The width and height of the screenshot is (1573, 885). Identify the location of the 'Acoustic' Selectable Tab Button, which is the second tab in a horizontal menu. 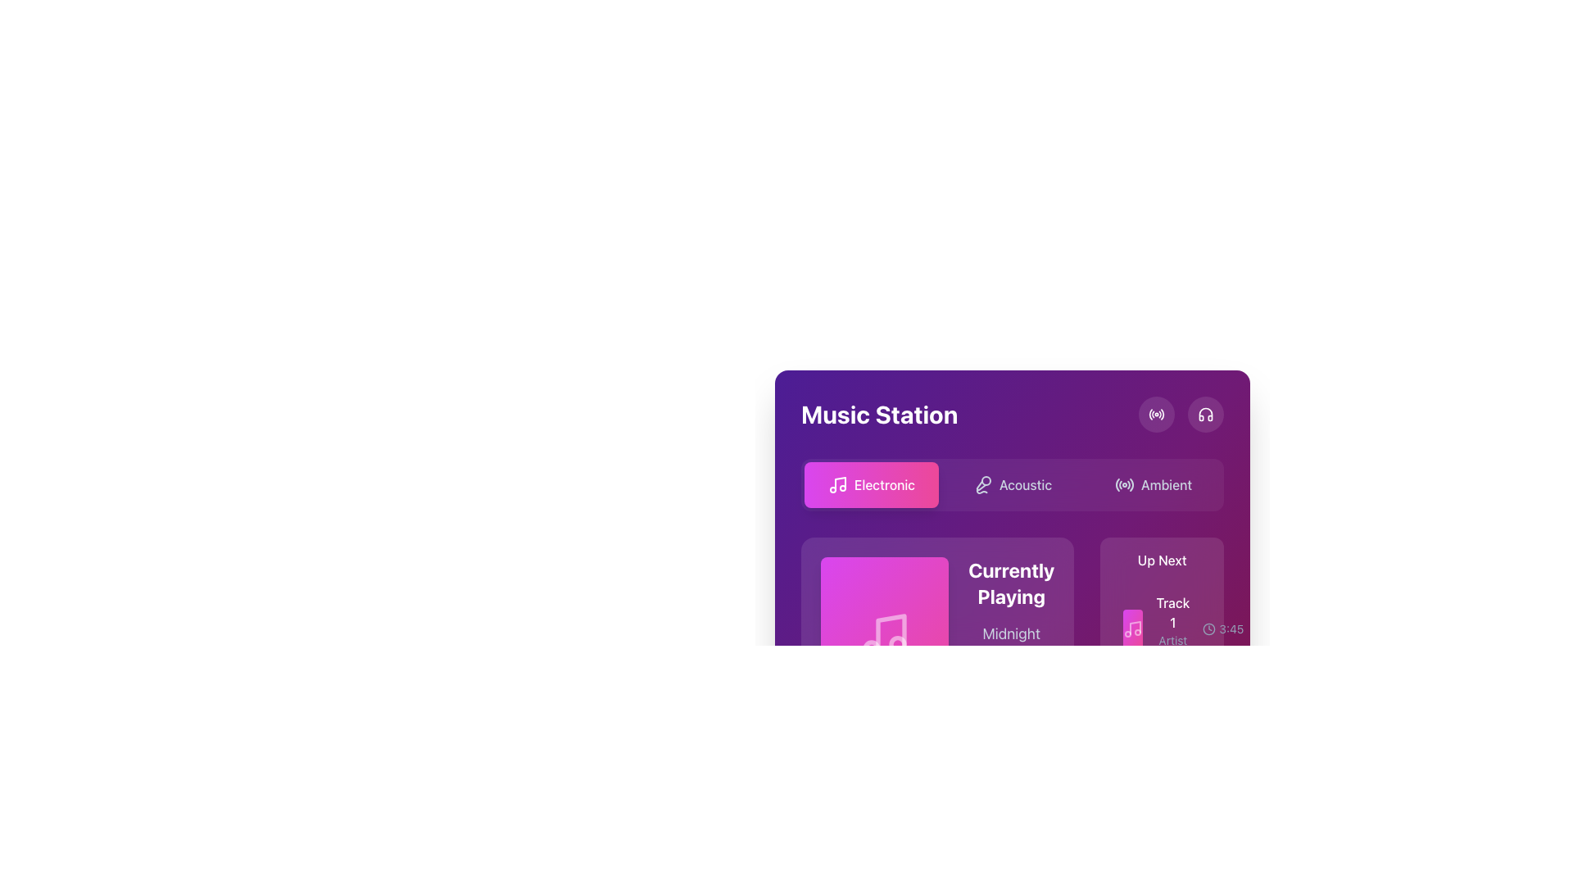
(1012, 497).